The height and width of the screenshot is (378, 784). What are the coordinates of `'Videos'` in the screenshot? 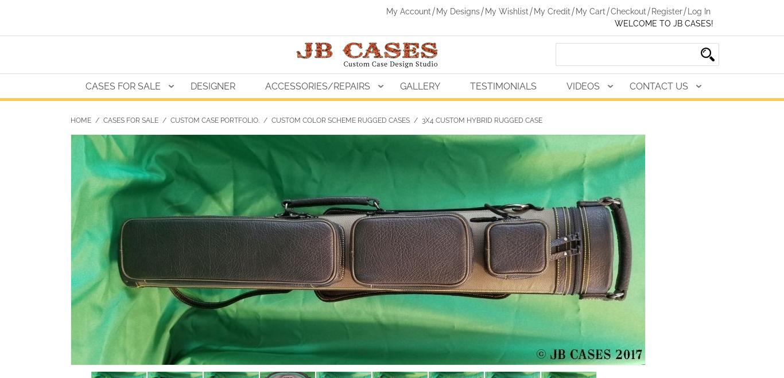 It's located at (583, 85).